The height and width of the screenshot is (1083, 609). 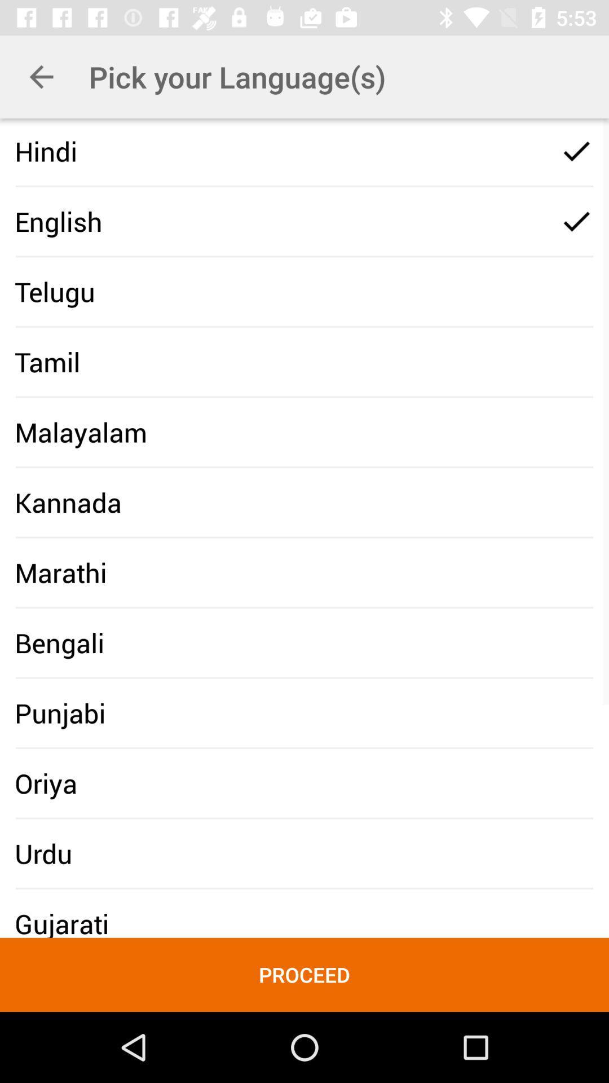 I want to click on the english icon, so click(x=58, y=221).